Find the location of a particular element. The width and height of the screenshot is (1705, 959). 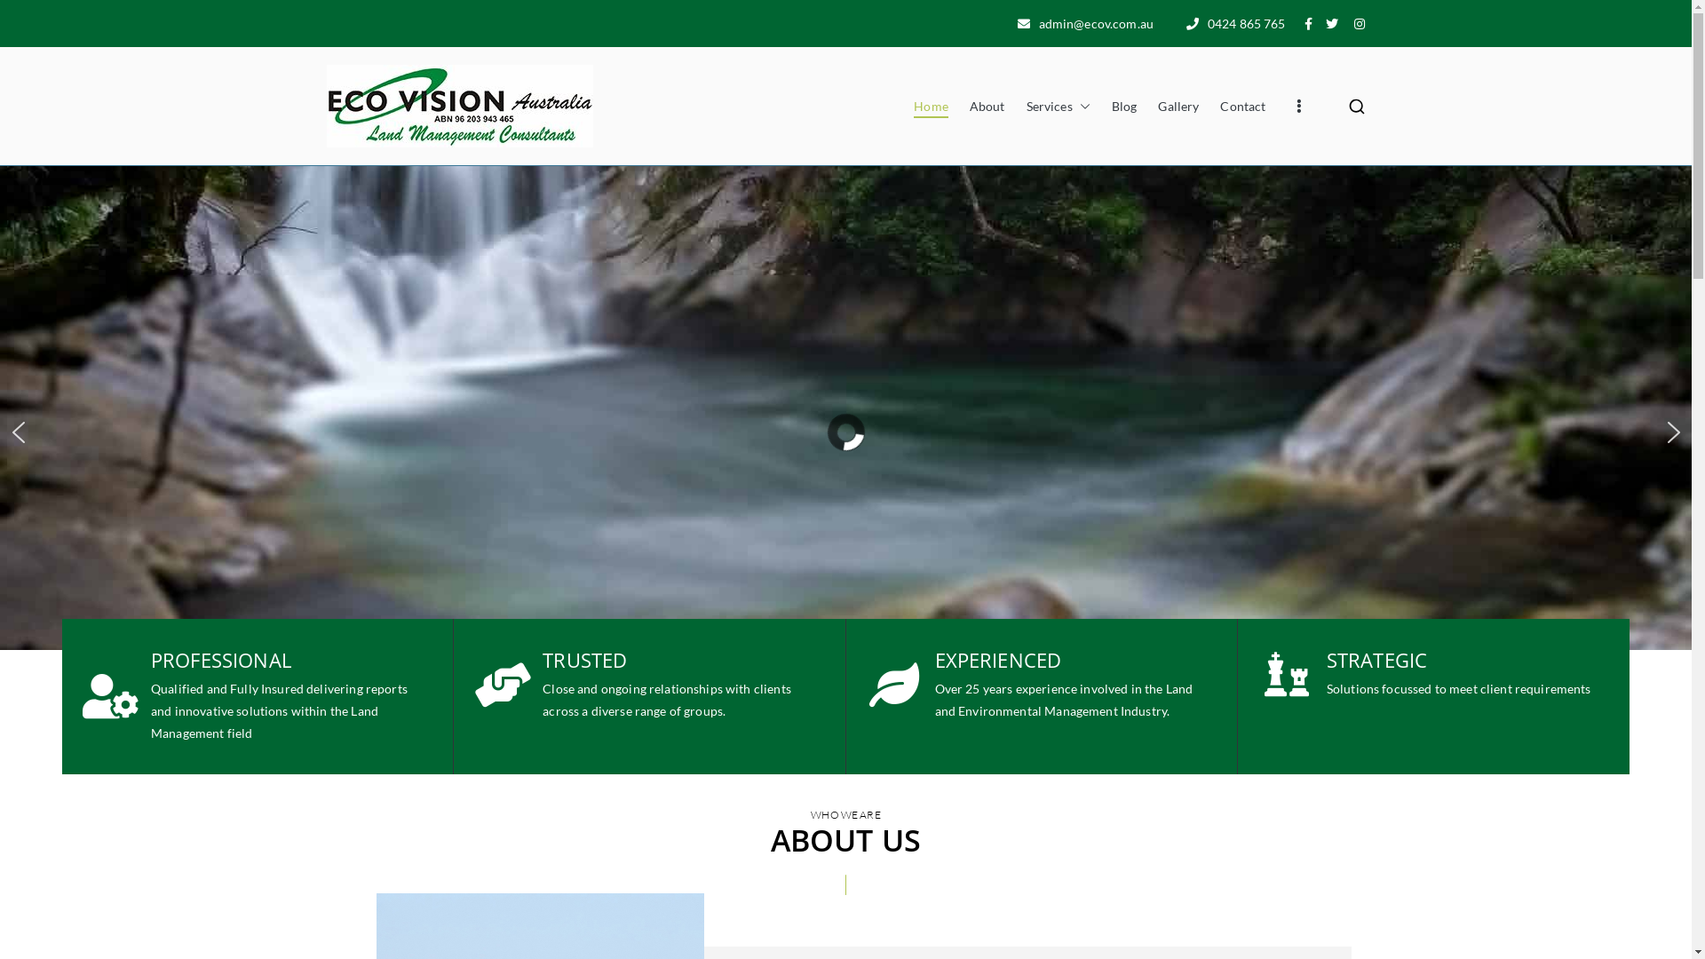

'Blog' is located at coordinates (1111, 106).